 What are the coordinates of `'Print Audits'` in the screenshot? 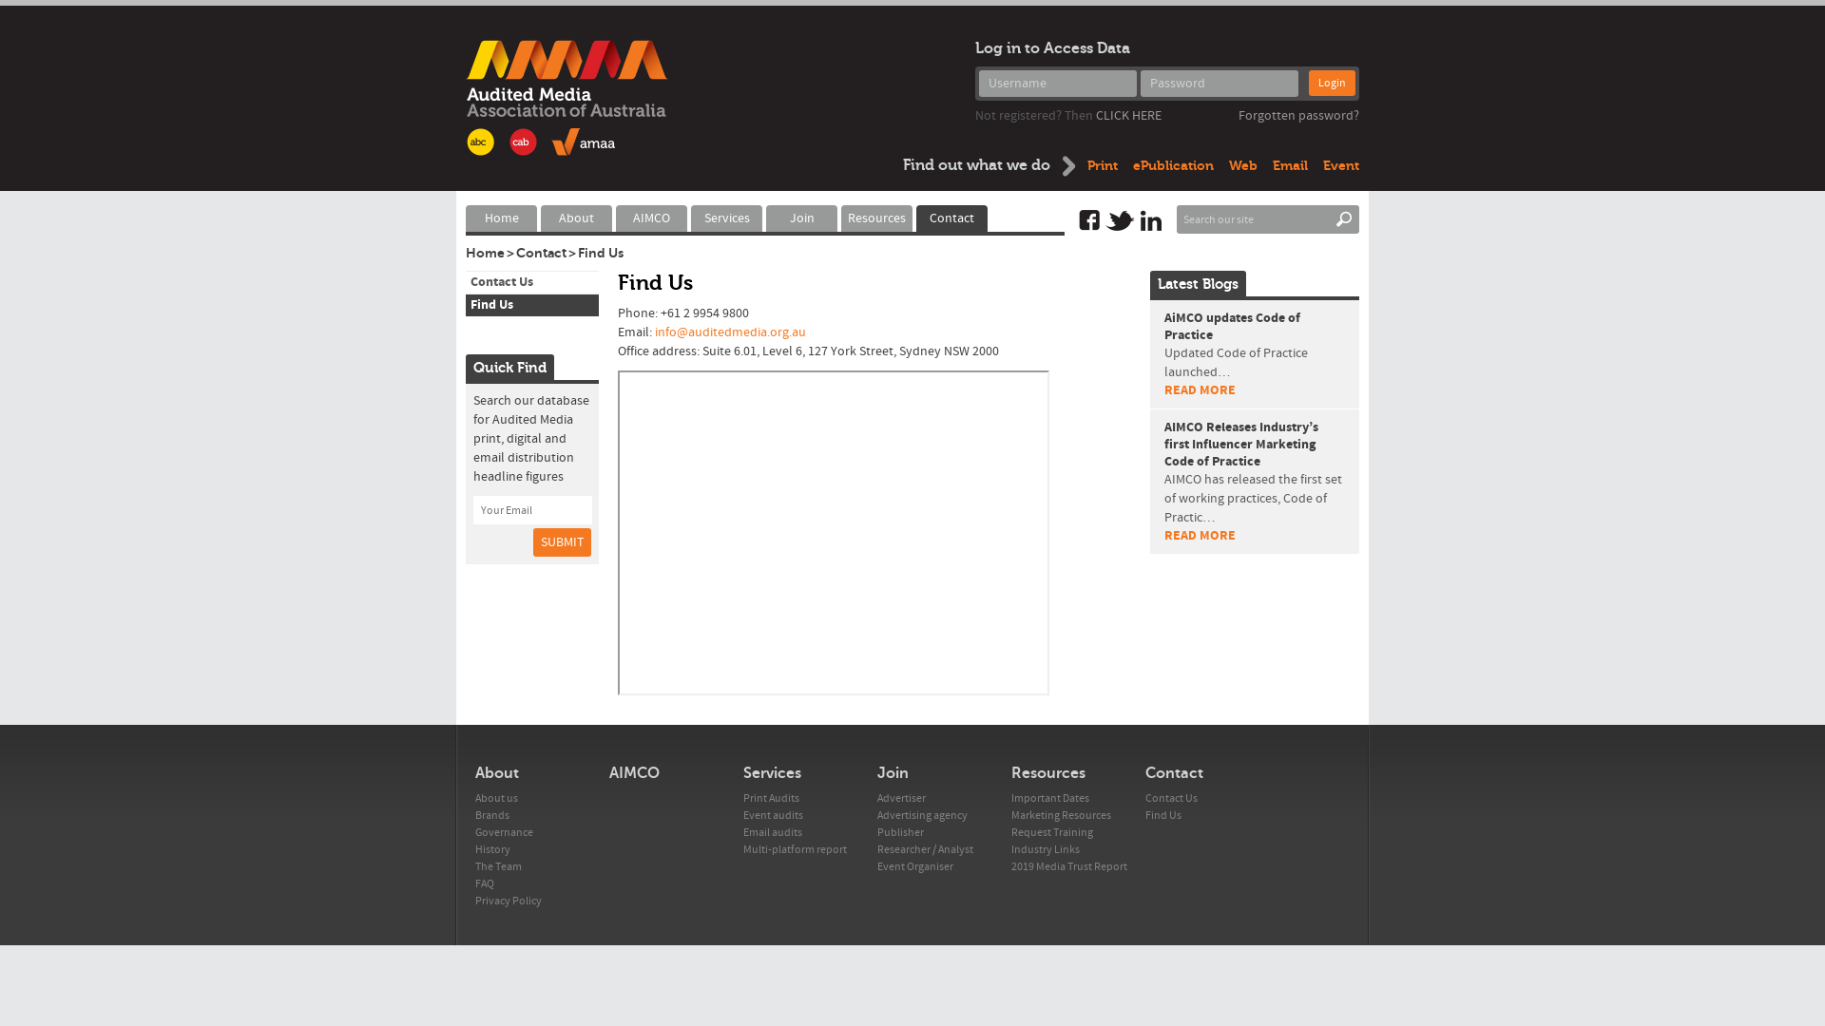 It's located at (771, 798).